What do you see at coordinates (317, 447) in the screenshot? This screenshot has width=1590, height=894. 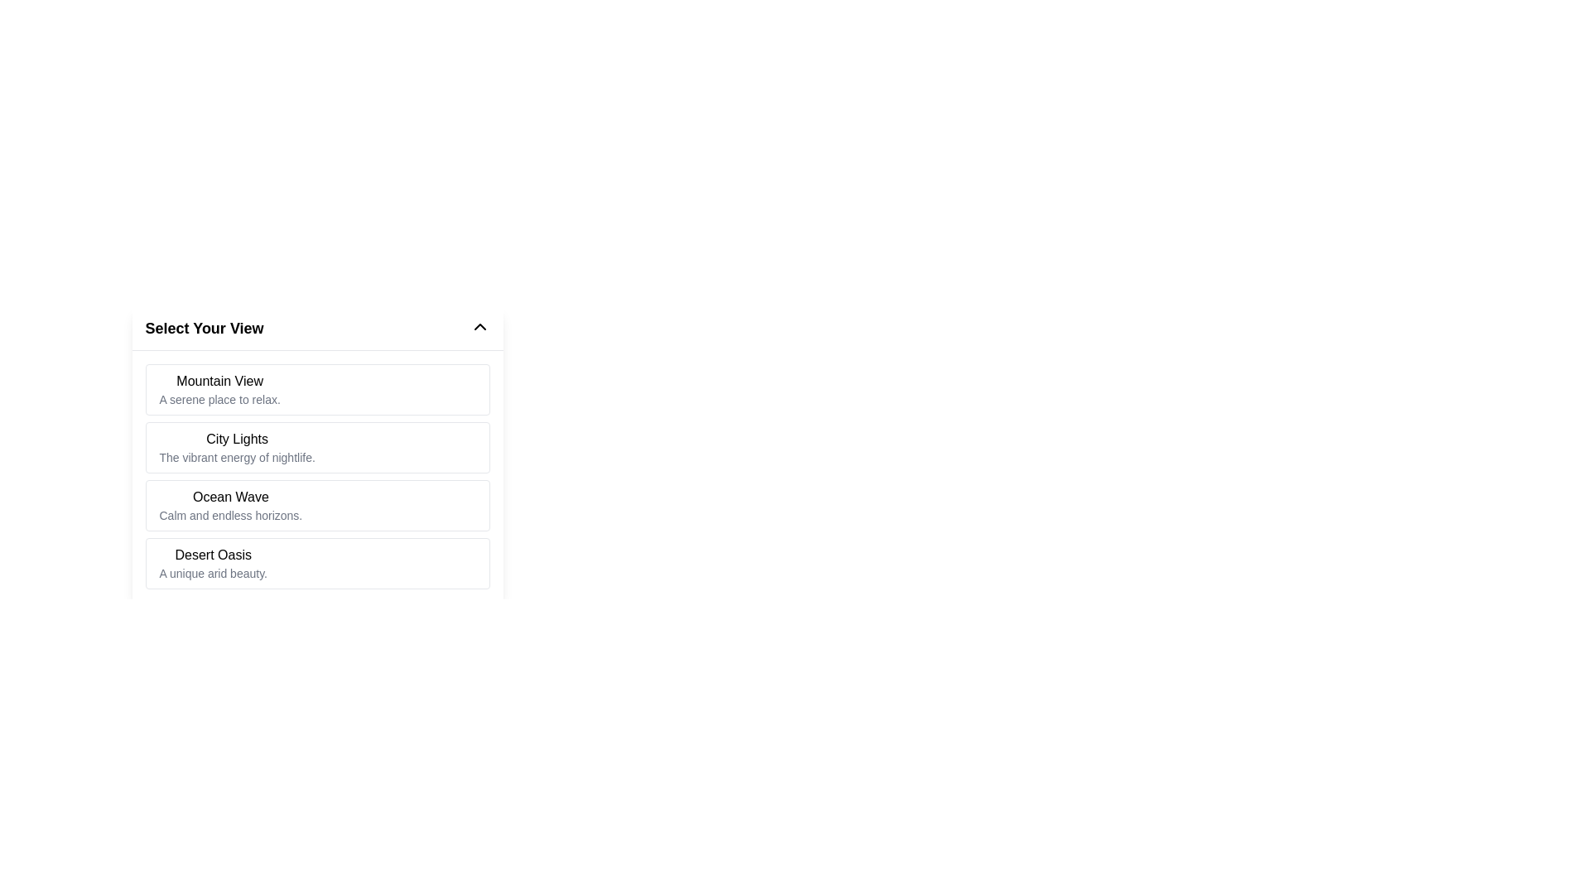 I see `to select the list item with the title 'City Lights' and subtitle 'The vibrant energy of nightlife.' positioned as the second item in a vertically stacked list` at bounding box center [317, 447].